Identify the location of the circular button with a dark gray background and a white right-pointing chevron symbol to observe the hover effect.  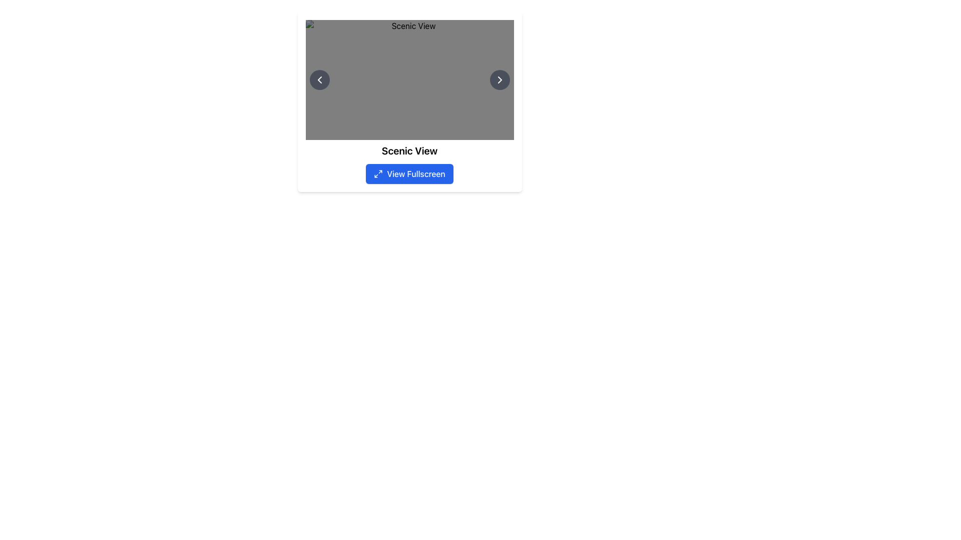
(500, 79).